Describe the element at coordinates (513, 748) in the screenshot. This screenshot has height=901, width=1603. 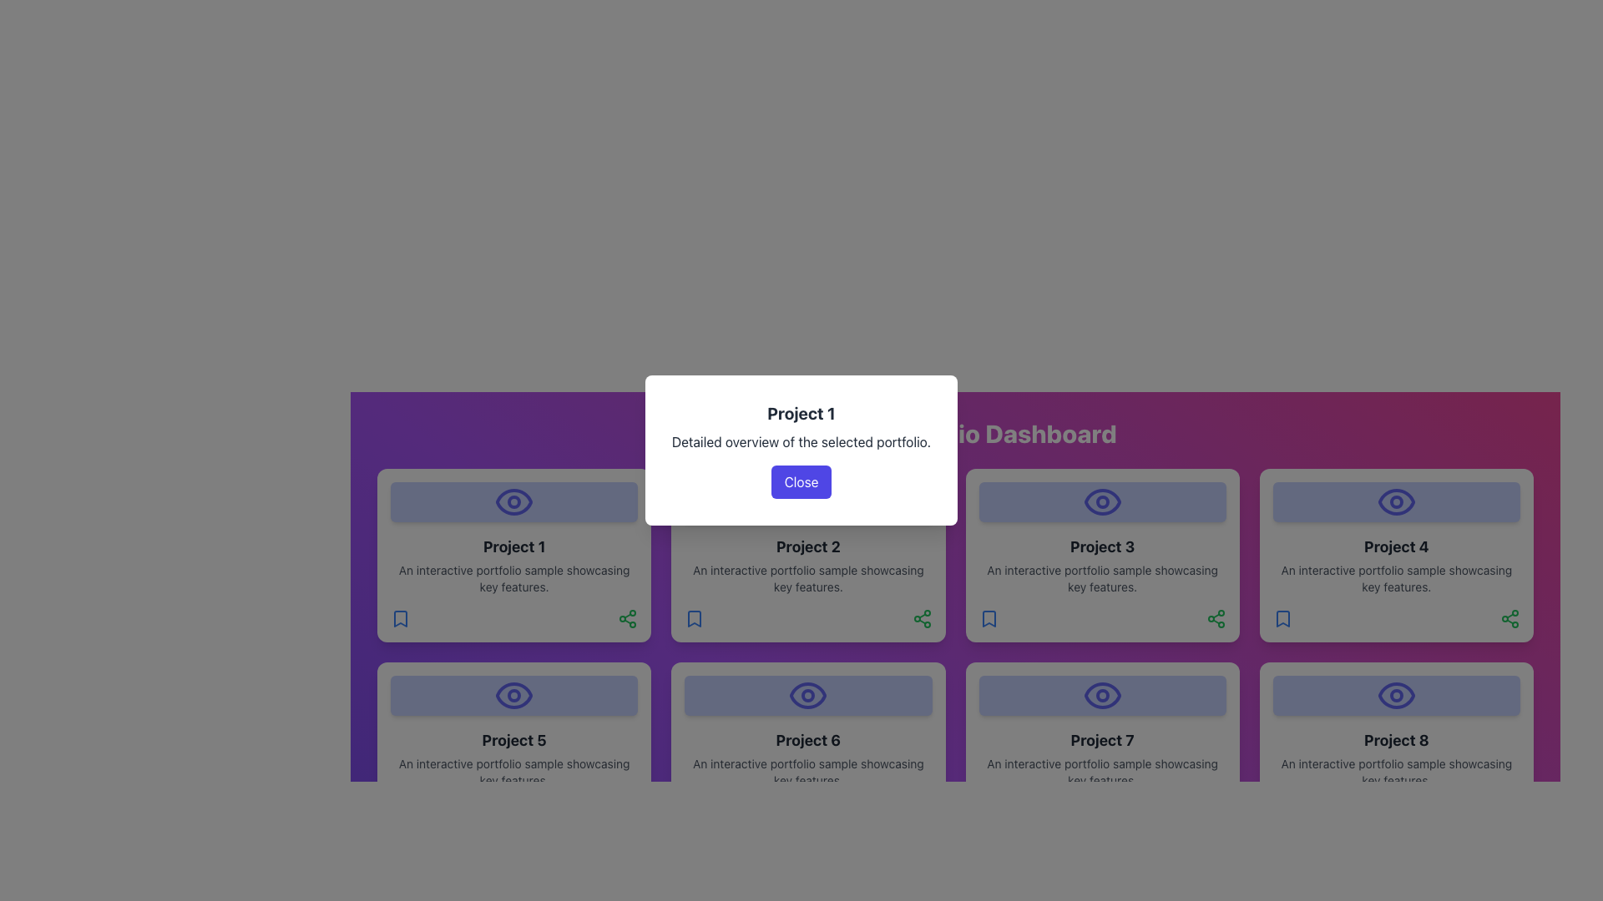
I see `the 'Project 5' informational card, which has a white background, rounded corners, and an eye icon at the top` at that location.